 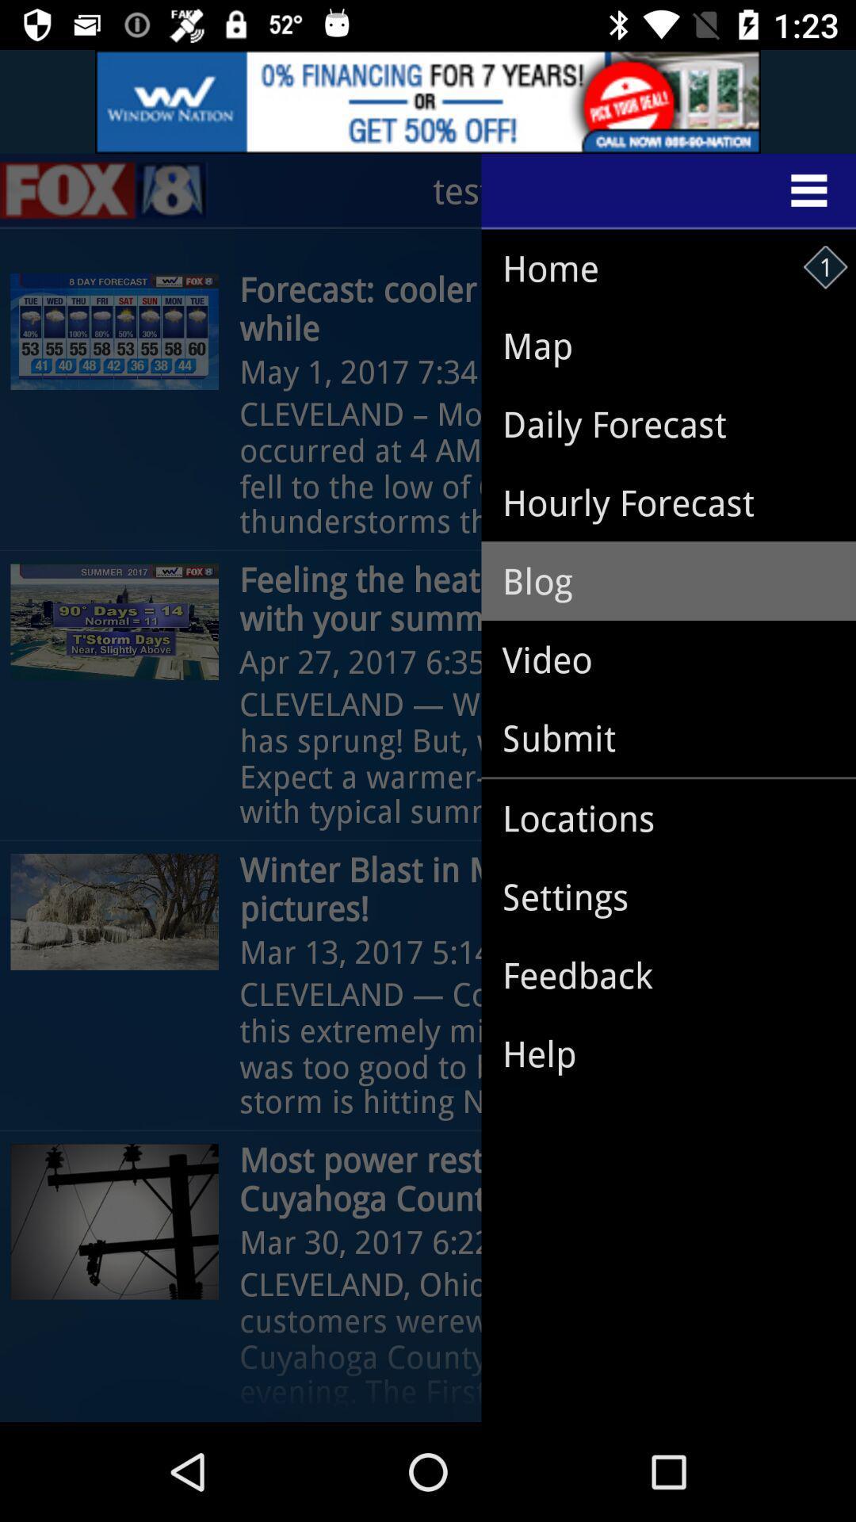 What do you see at coordinates (104, 190) in the screenshot?
I see `the sliders icon` at bounding box center [104, 190].